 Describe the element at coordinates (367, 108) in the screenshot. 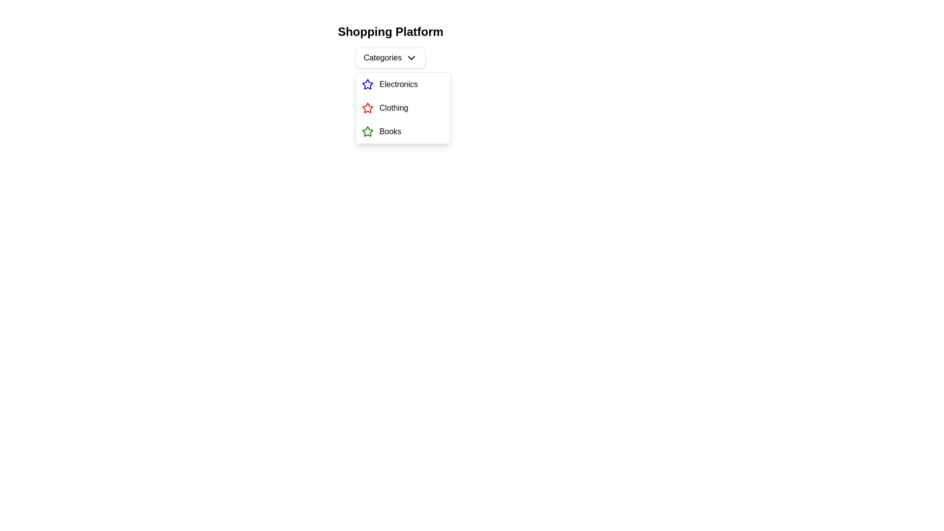

I see `the star-shaped icon located within the 'Clothing' menu item, which serves as a visual symbol for identification` at that location.